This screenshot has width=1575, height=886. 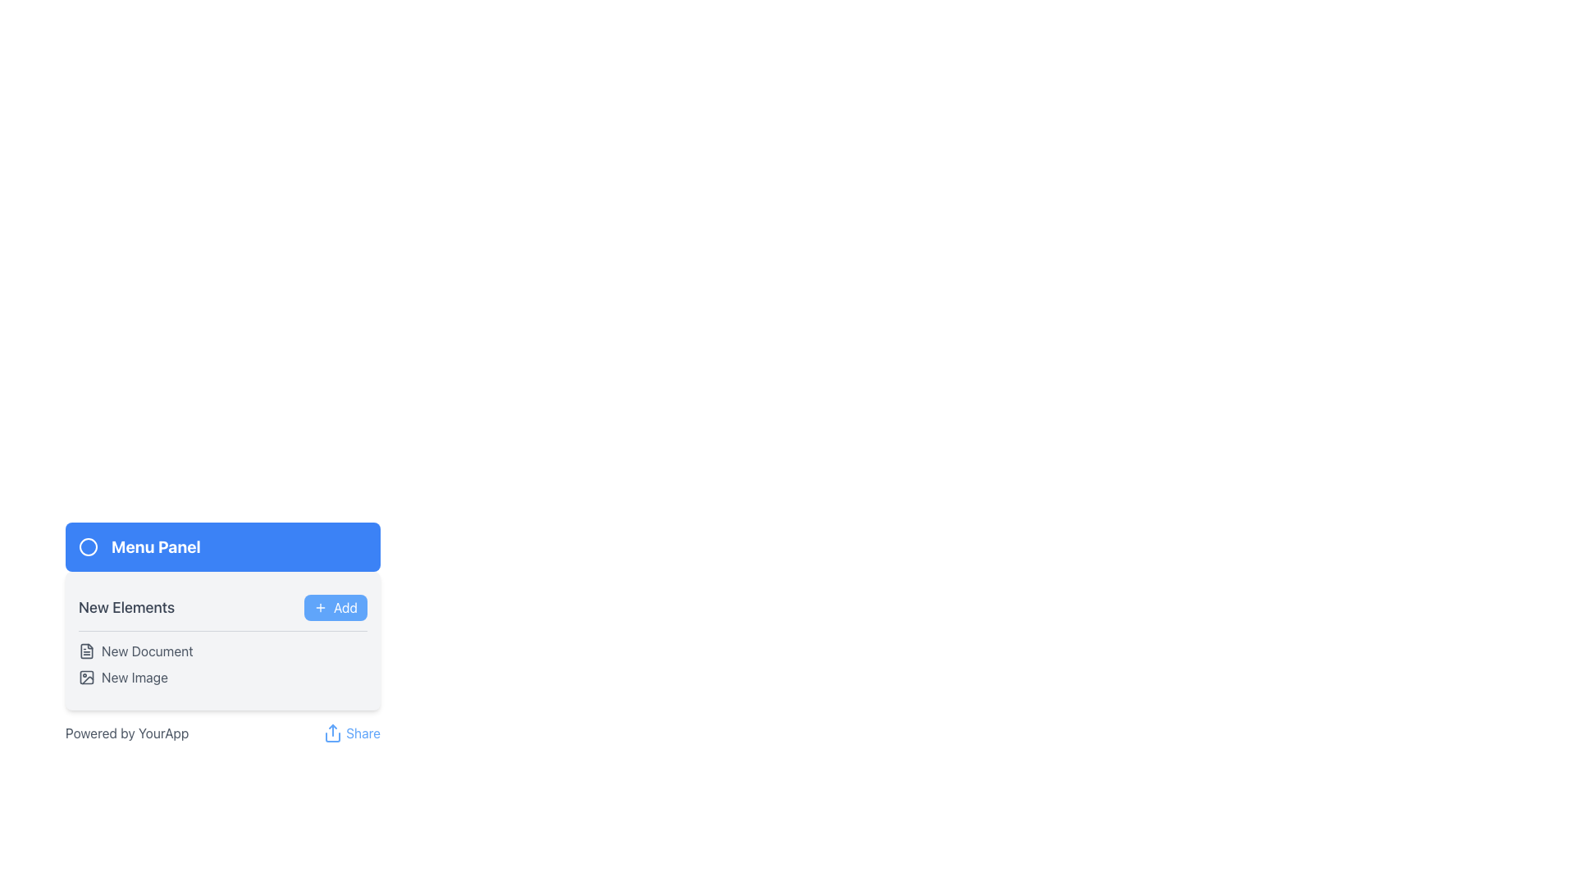 I want to click on the first button in the vertical list of options under 'New Elements', so click(x=222, y=651).